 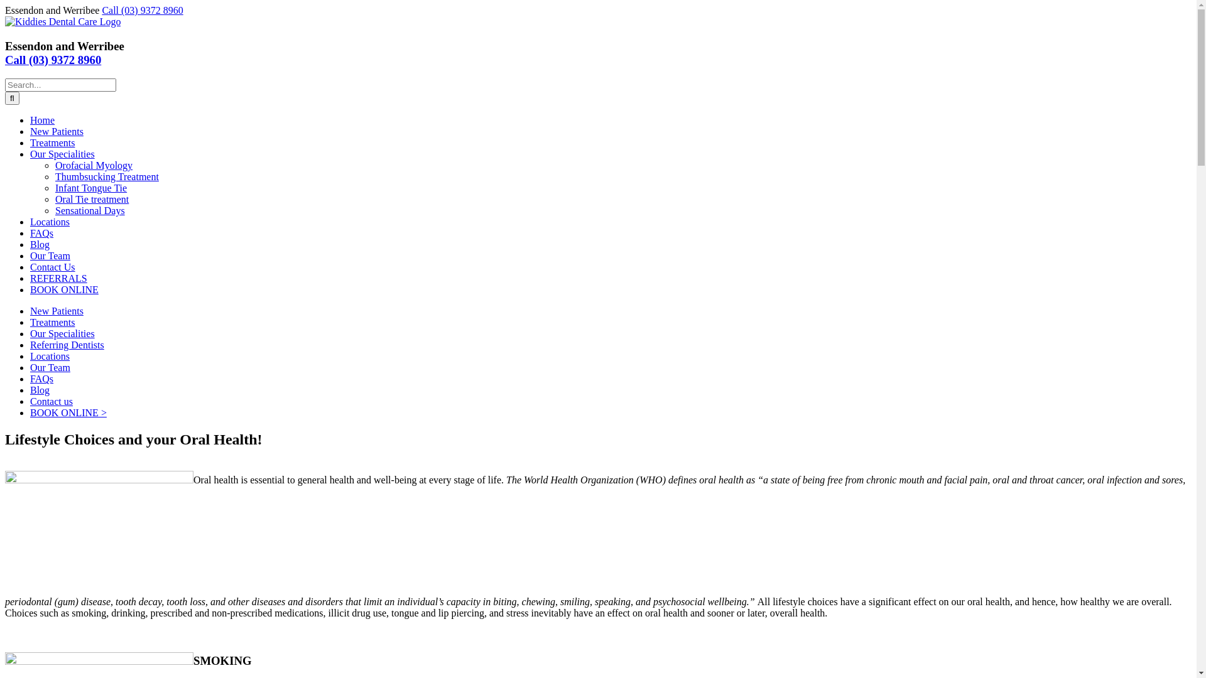 I want to click on 'Home', so click(x=42, y=120).